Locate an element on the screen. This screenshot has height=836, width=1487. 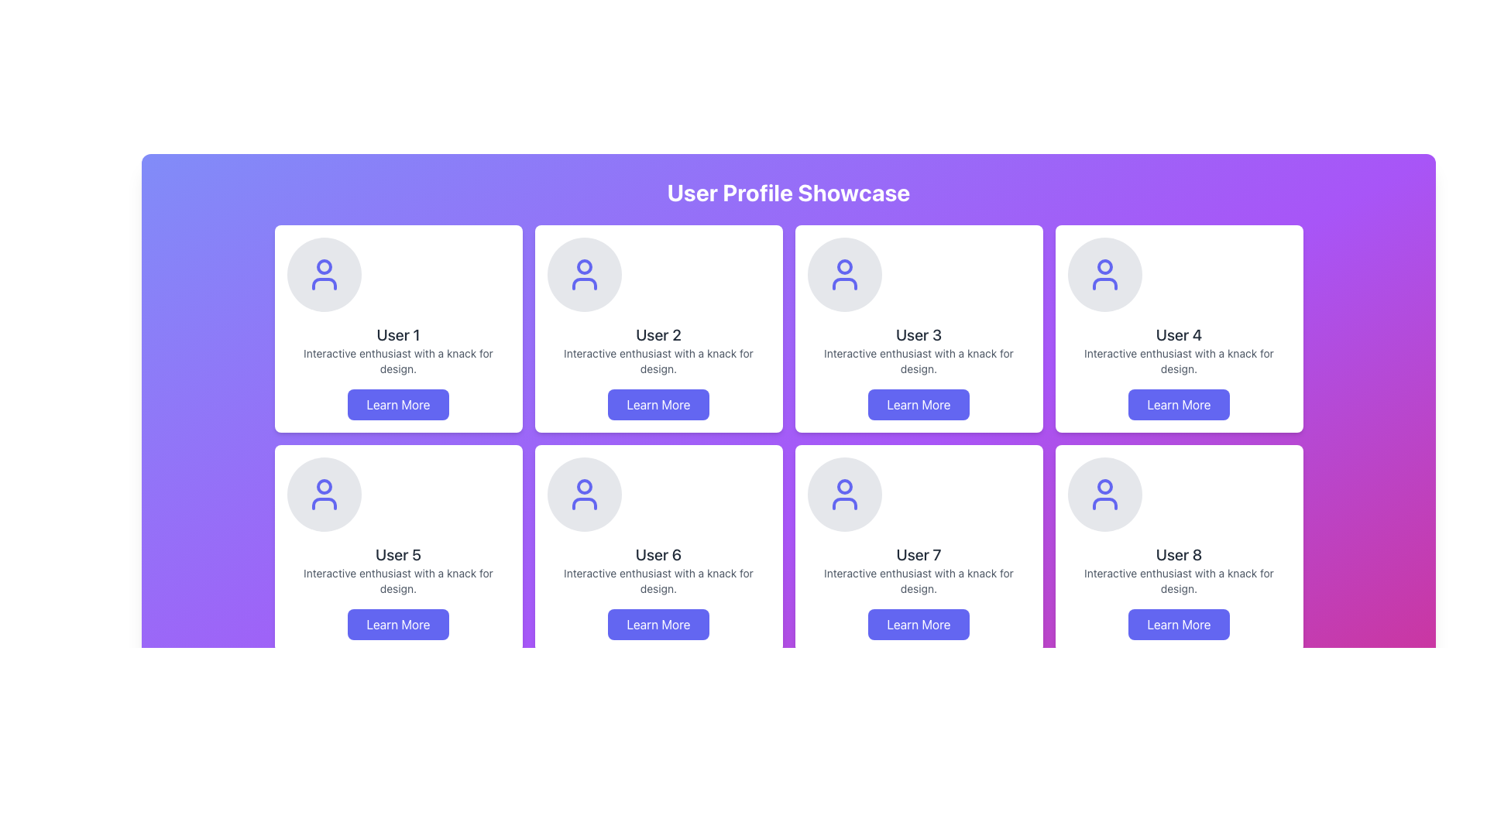
the 'Learn More' button, which has an indigo background and white text, to observe its styling effects is located at coordinates (398, 623).